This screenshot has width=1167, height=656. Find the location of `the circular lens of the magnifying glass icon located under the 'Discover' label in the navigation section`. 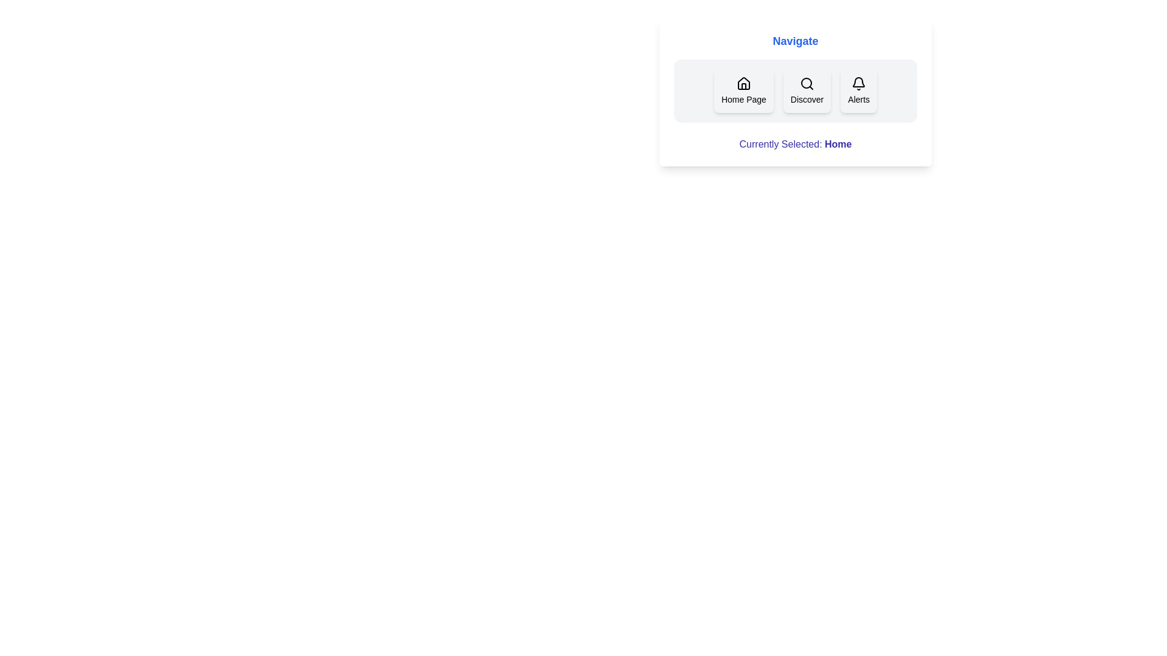

the circular lens of the magnifying glass icon located under the 'Discover' label in the navigation section is located at coordinates (807, 83).